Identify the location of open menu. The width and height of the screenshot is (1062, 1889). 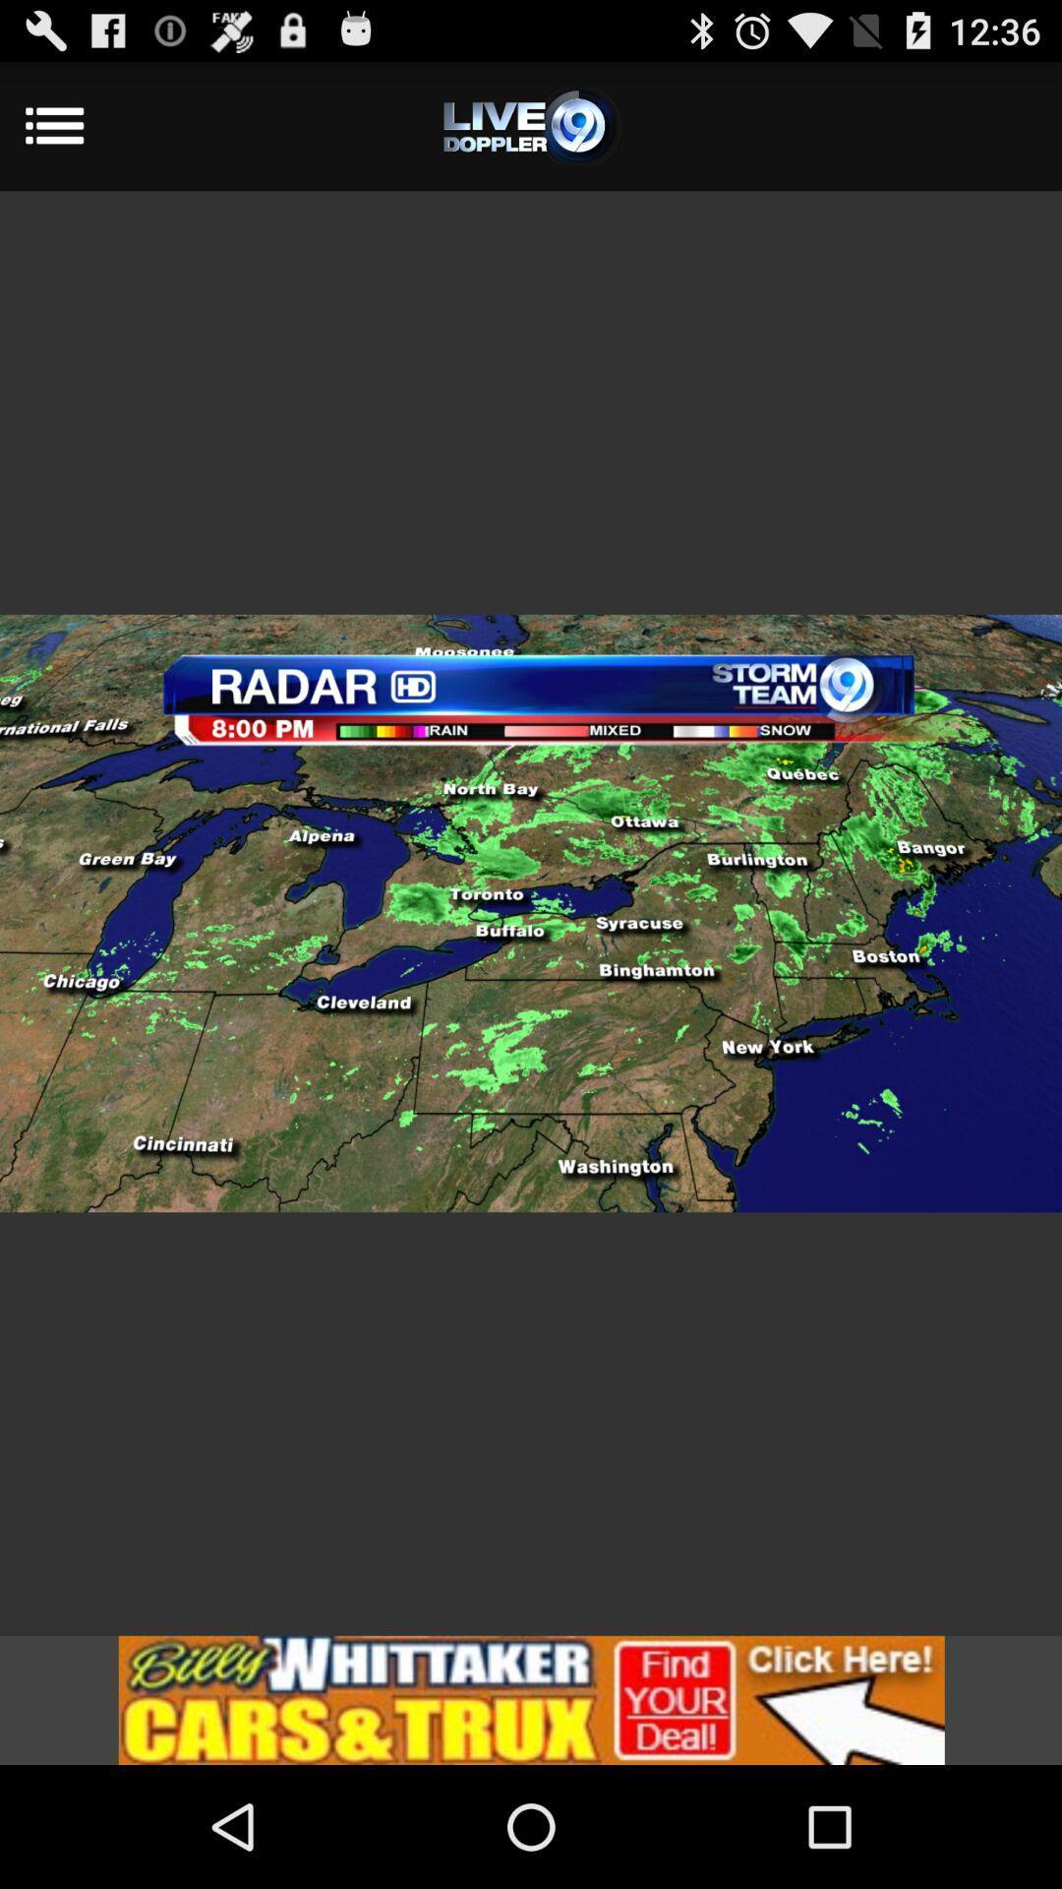
(531, 125).